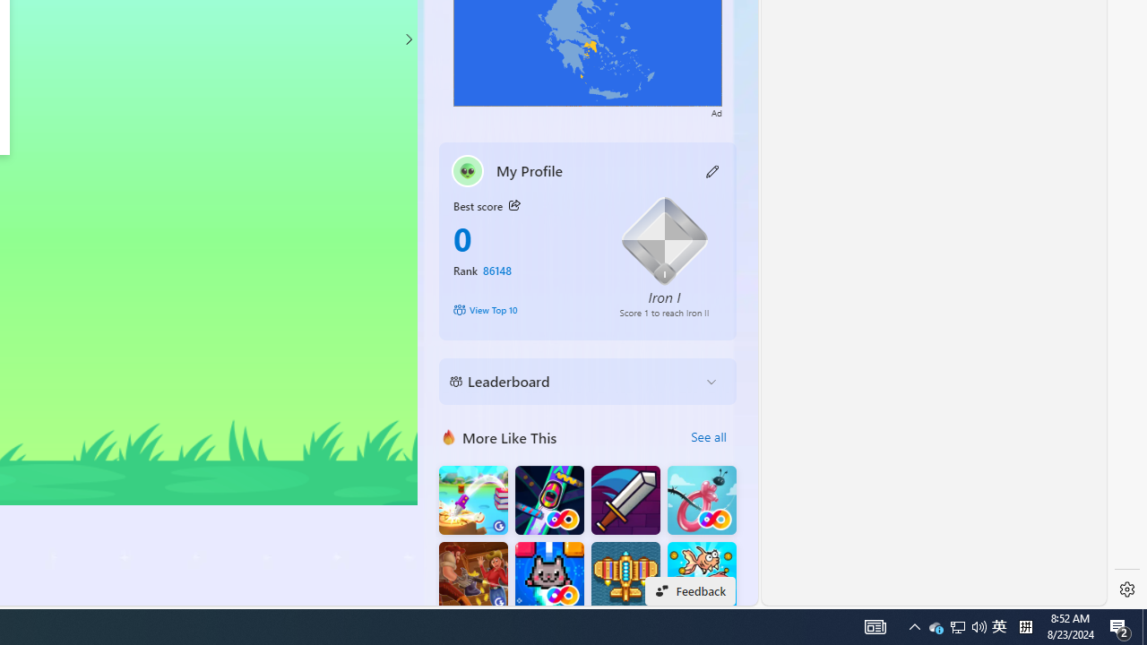 This screenshot has width=1147, height=645. What do you see at coordinates (708, 437) in the screenshot?
I see `'See all'` at bounding box center [708, 437].